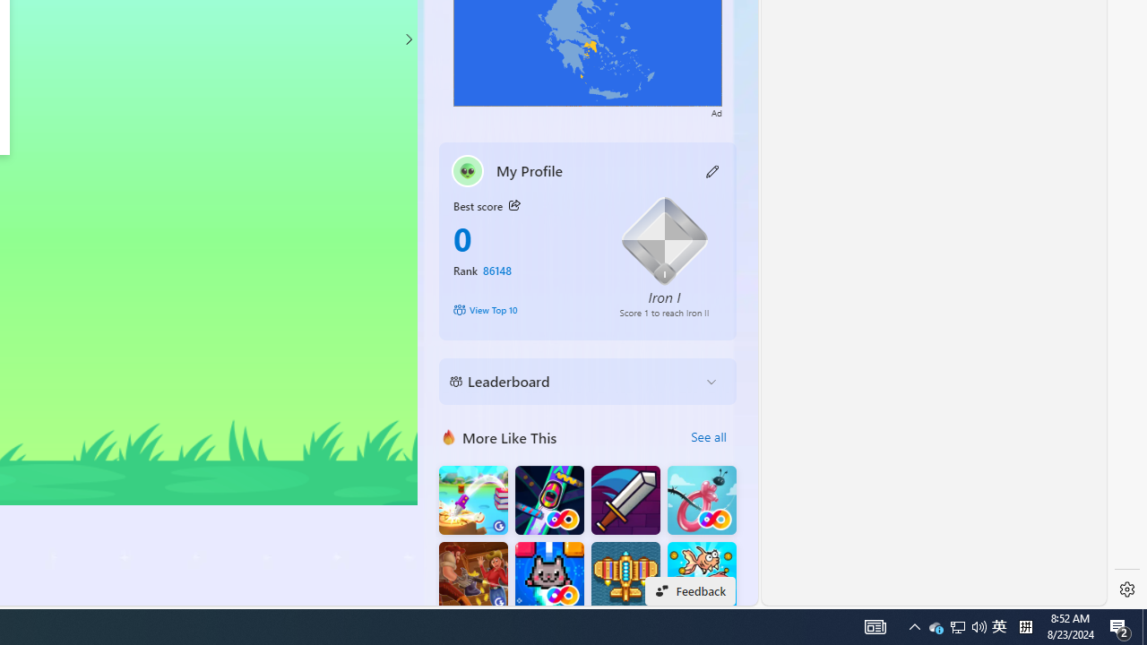 This screenshot has width=1147, height=645. What do you see at coordinates (708, 437) in the screenshot?
I see `'See all'` at bounding box center [708, 437].